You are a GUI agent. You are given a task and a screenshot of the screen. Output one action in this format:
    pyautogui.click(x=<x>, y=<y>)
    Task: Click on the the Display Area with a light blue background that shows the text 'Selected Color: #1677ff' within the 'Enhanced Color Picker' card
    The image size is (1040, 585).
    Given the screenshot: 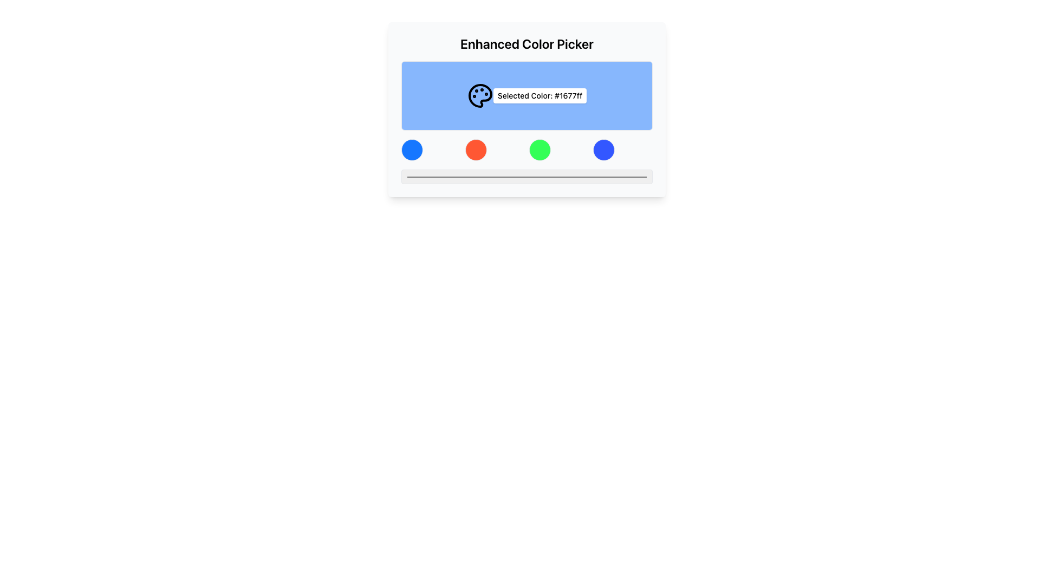 What is the action you would take?
    pyautogui.click(x=527, y=109)
    